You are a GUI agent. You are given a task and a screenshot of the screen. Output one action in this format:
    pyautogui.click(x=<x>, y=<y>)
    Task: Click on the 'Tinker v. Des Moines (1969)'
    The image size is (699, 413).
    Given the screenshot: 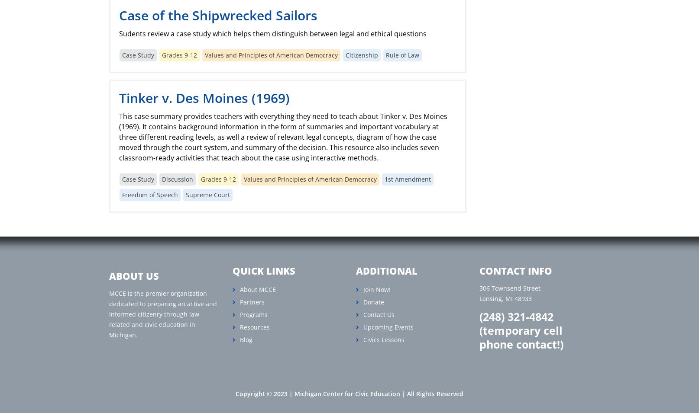 What is the action you would take?
    pyautogui.click(x=204, y=98)
    